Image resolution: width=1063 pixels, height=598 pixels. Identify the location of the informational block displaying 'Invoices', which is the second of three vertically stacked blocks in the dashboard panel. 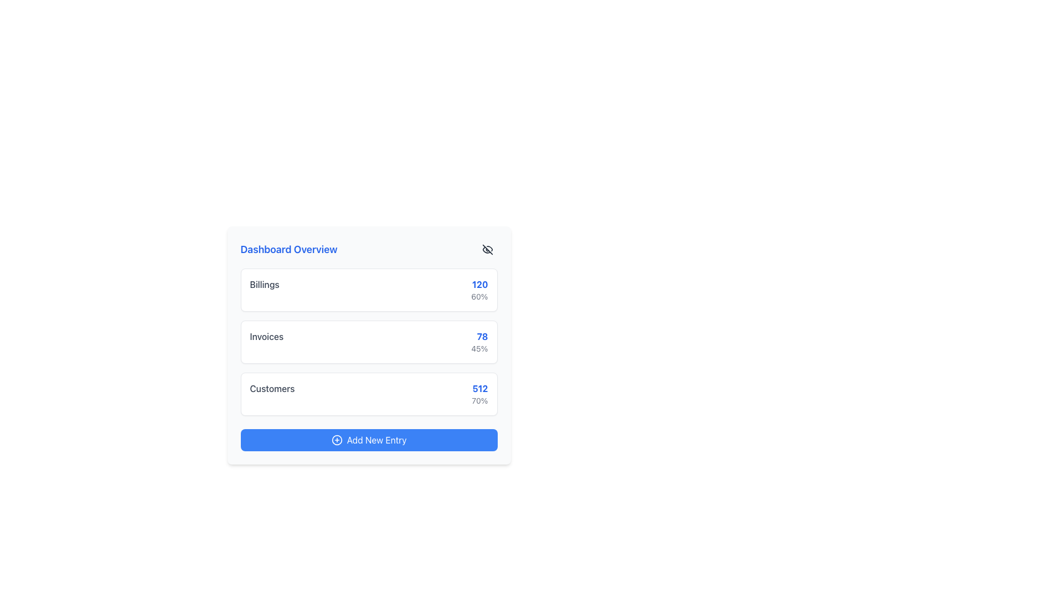
(369, 345).